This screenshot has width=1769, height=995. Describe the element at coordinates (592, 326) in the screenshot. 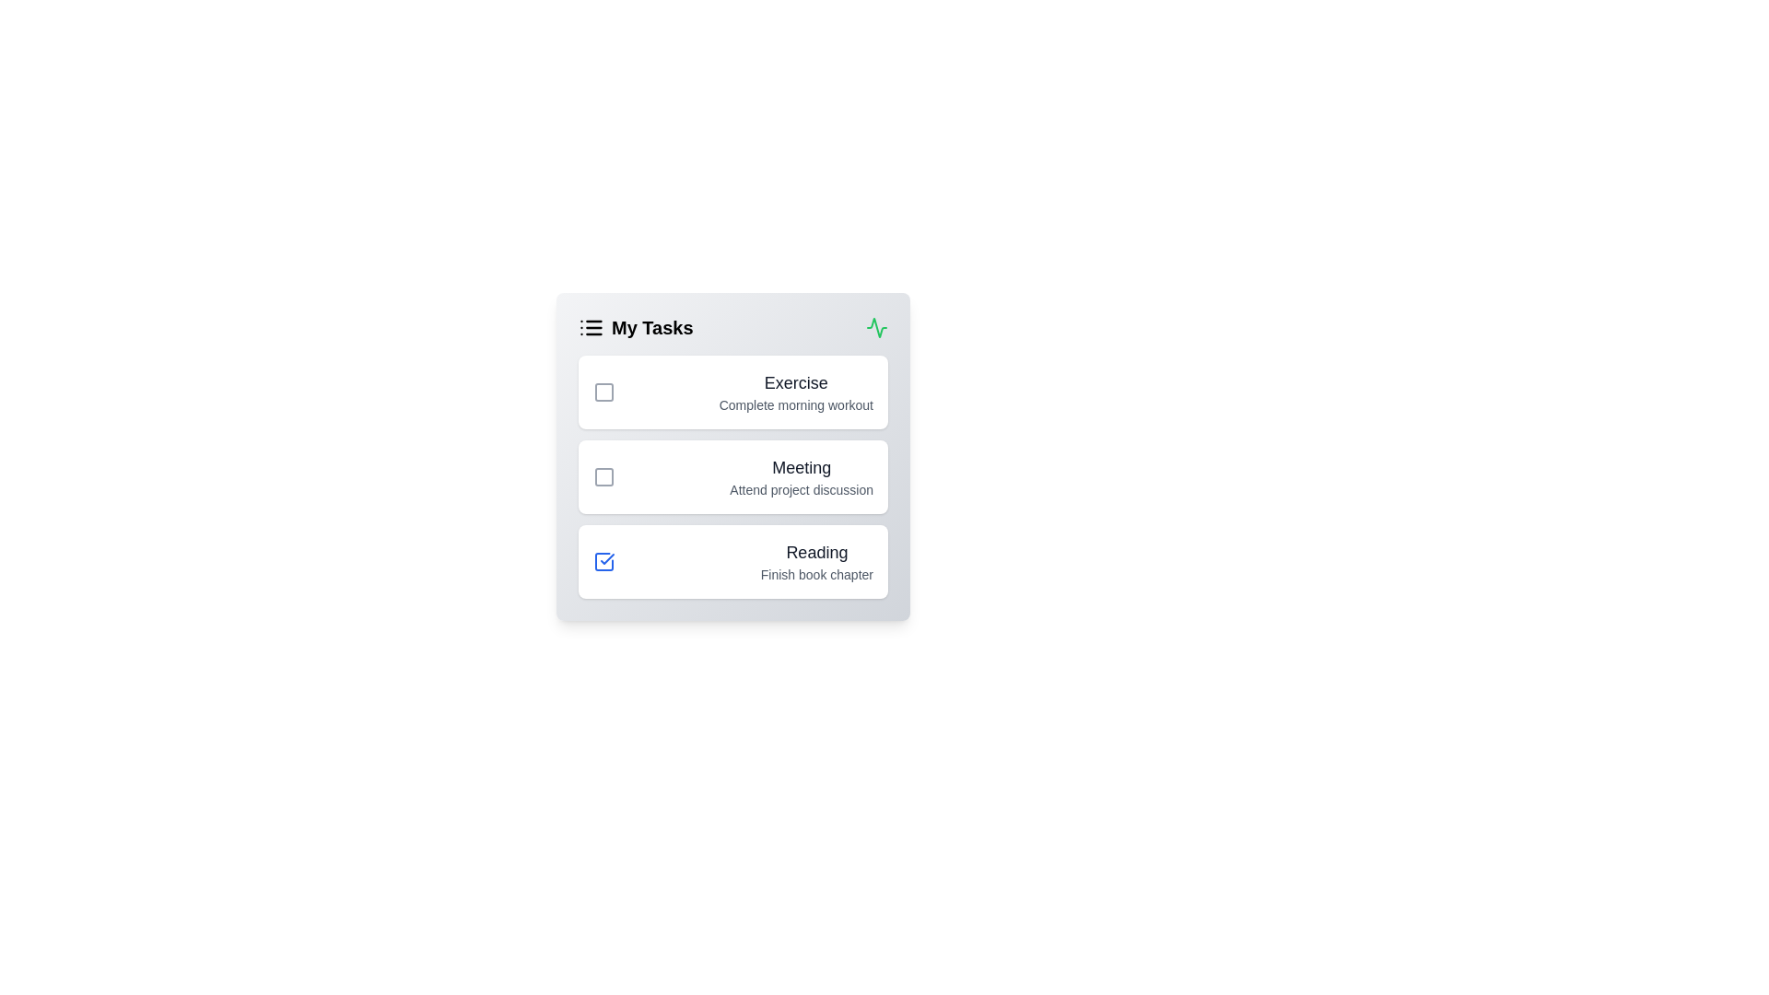

I see `the header icon list` at that location.